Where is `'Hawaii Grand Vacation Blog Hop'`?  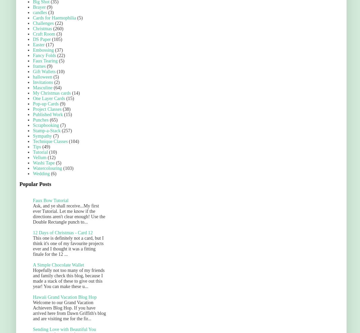
'Hawaii Grand Vacation Blog Hop' is located at coordinates (64, 297).